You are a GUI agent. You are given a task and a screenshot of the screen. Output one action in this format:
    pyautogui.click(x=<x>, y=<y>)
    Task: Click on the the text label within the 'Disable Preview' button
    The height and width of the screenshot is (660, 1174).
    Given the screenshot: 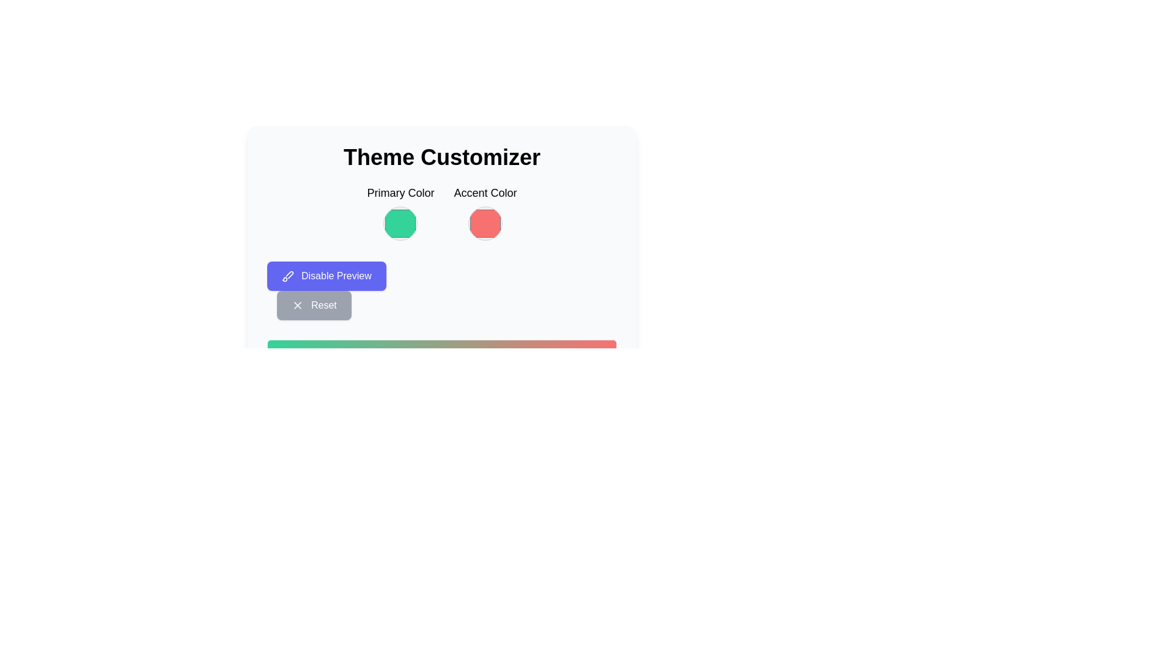 What is the action you would take?
    pyautogui.click(x=336, y=276)
    